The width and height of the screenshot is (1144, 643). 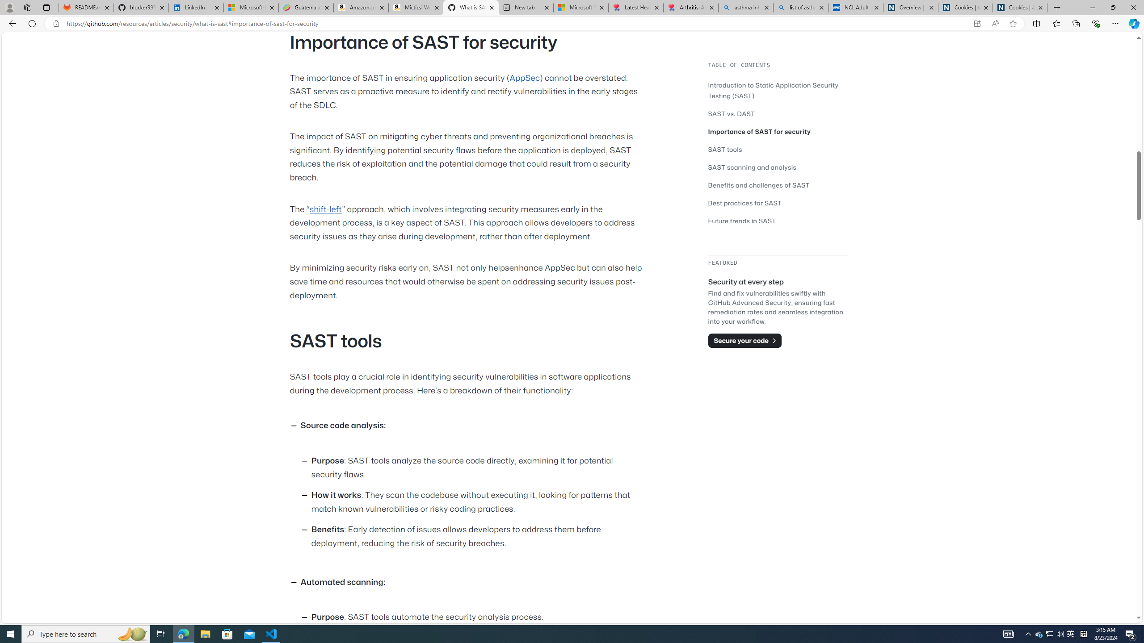 What do you see at coordinates (976, 24) in the screenshot?
I see `'App available. Install GitHub'` at bounding box center [976, 24].